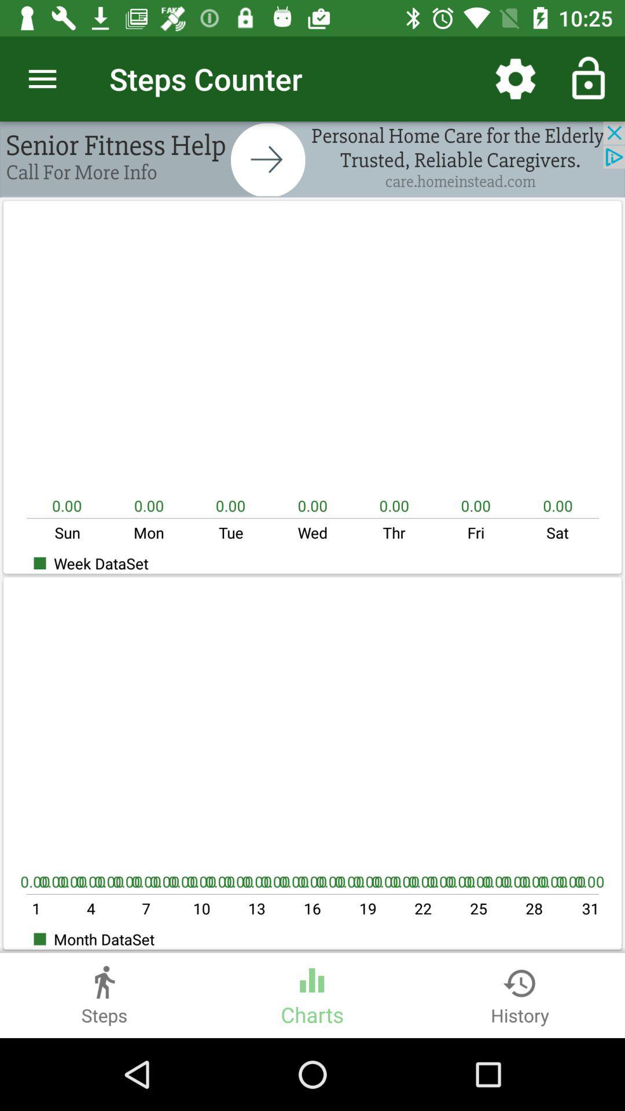 Image resolution: width=625 pixels, height=1111 pixels. Describe the element at coordinates (312, 159) in the screenshot. I see `in app advertisement space` at that location.